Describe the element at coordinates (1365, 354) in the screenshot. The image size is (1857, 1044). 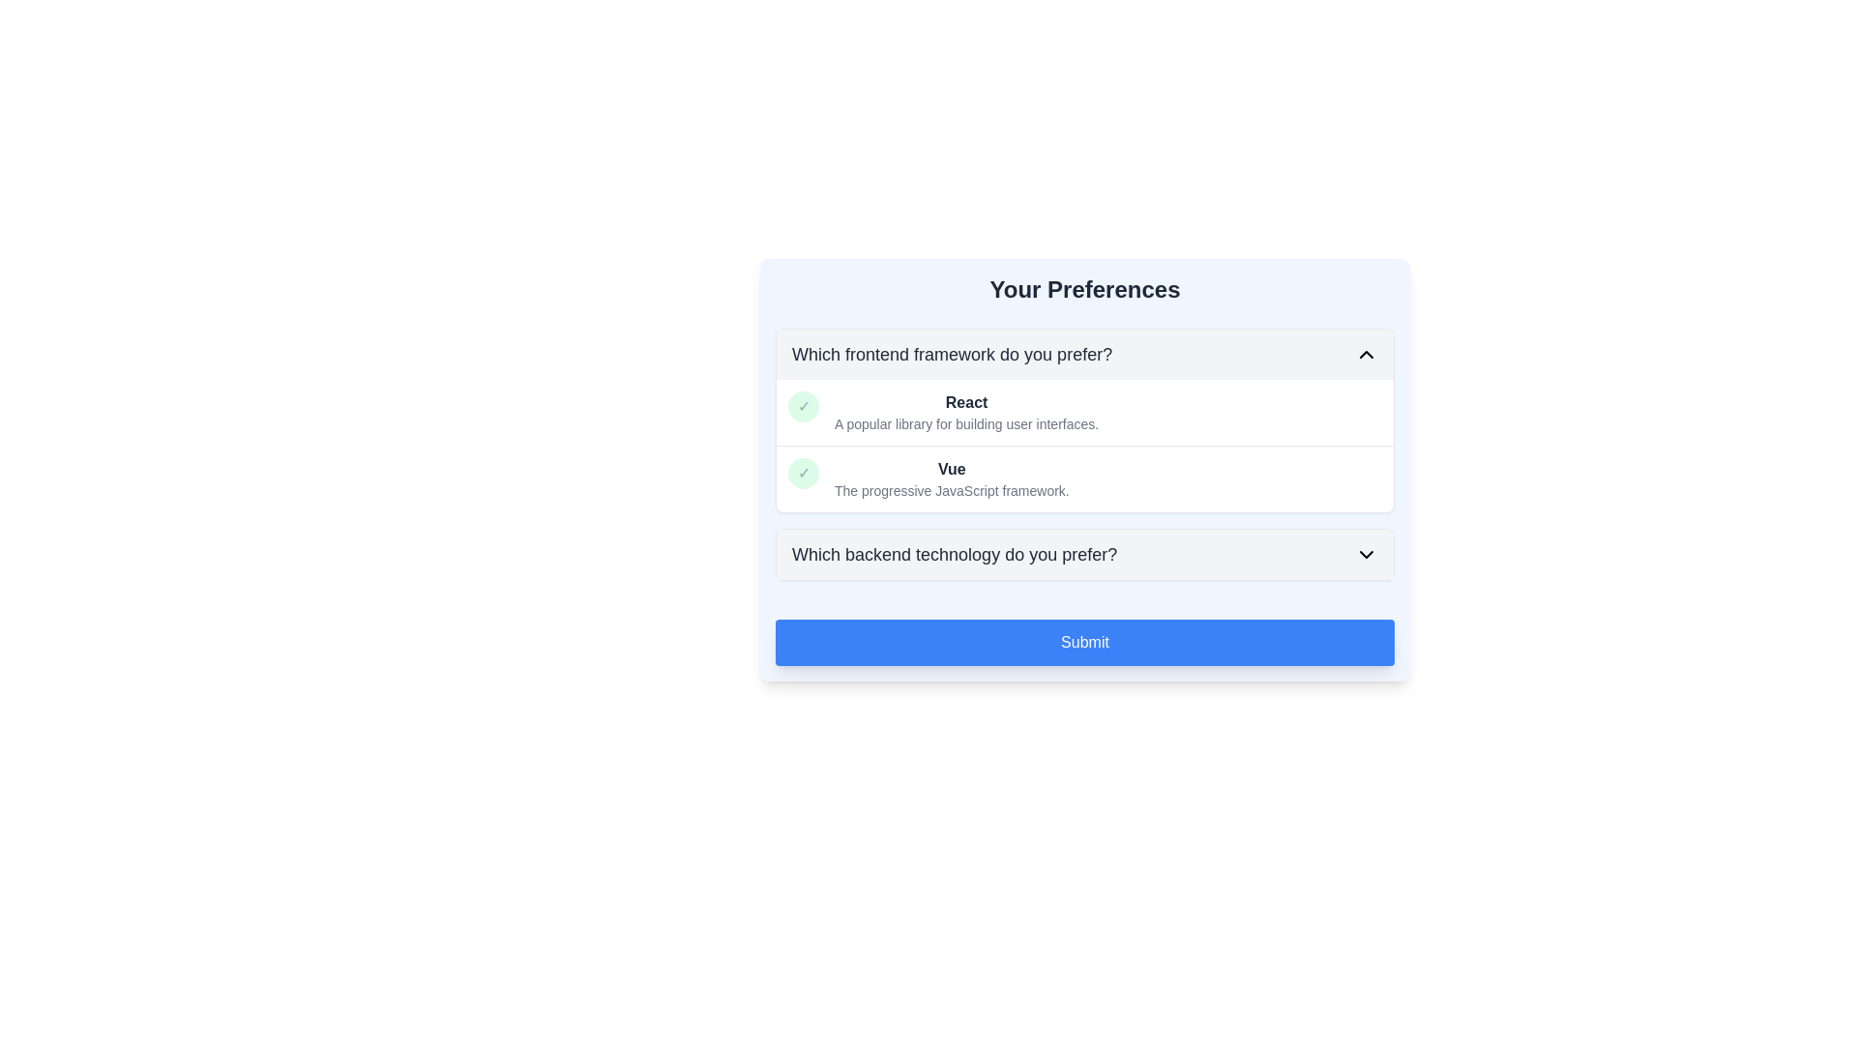
I see `the upward-pointing chevron icon located in the upper-right of the 'Which frontend framework do you prefer?' section to interact with it` at that location.